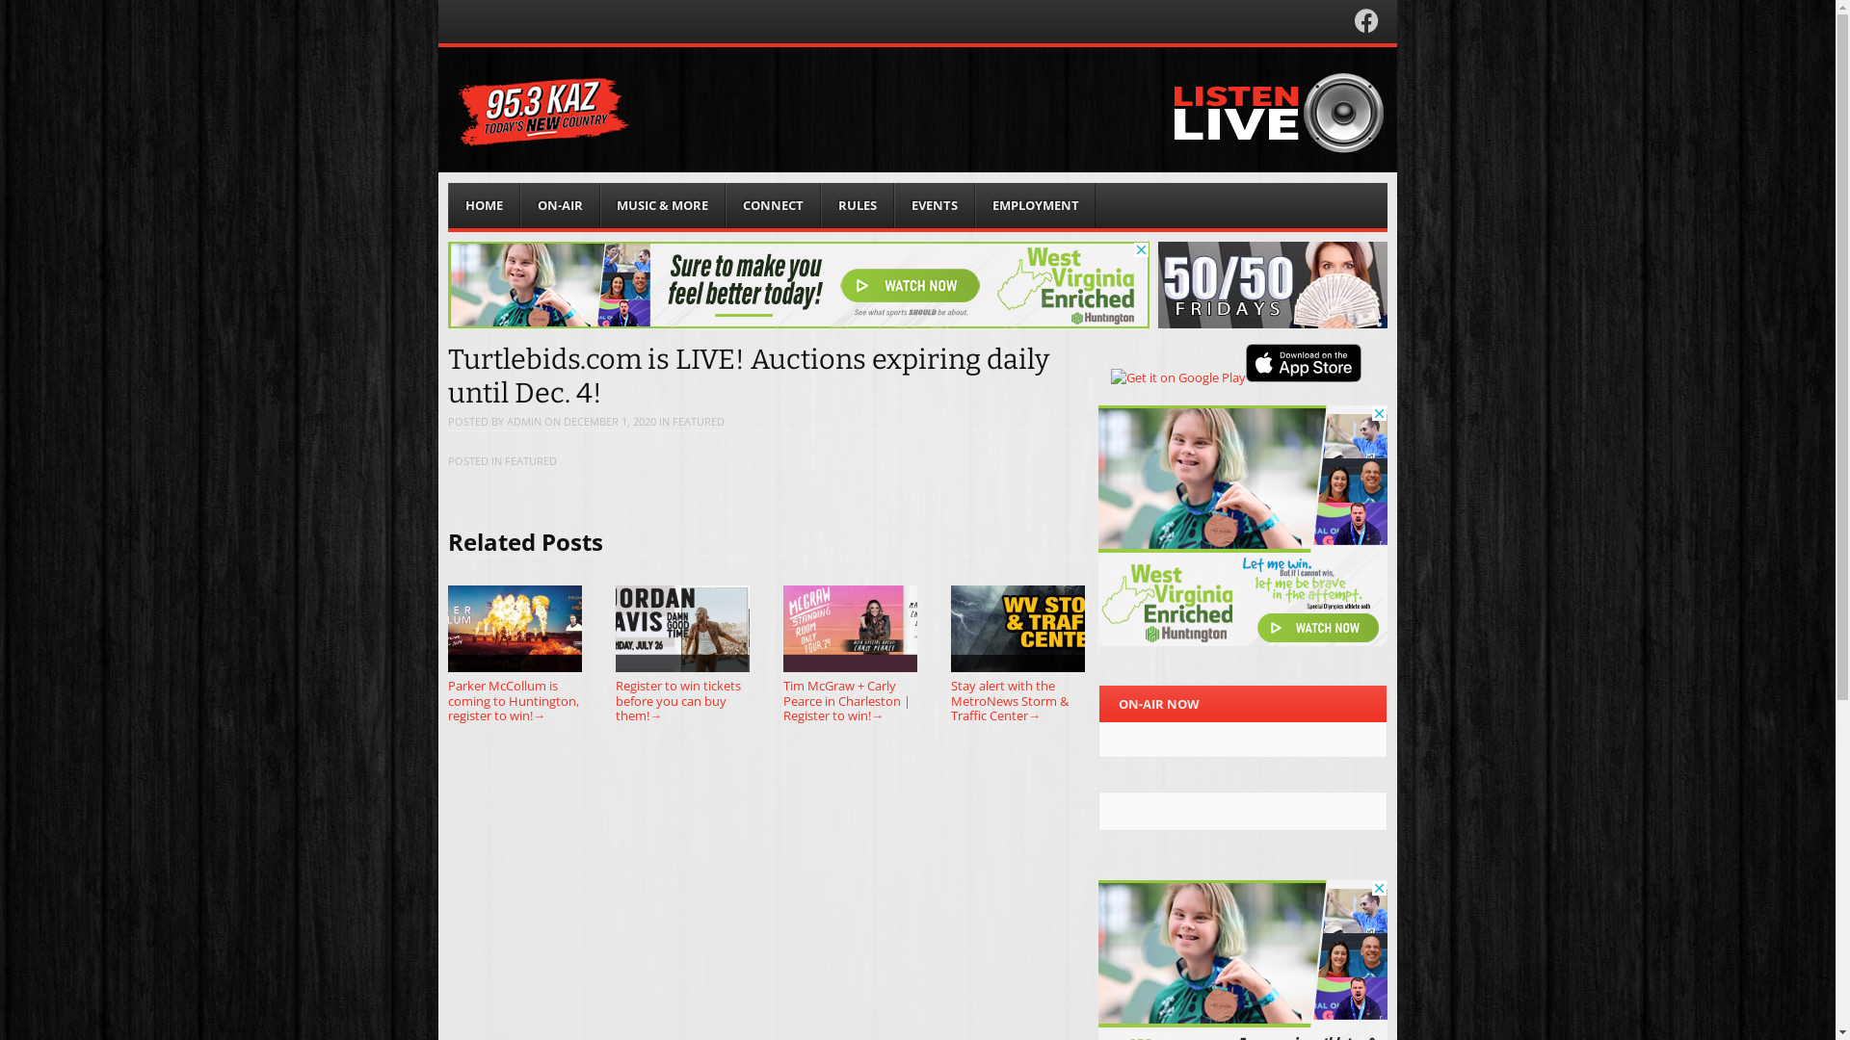 This screenshot has width=1850, height=1040. What do you see at coordinates (447, 205) in the screenshot?
I see `'HOME'` at bounding box center [447, 205].